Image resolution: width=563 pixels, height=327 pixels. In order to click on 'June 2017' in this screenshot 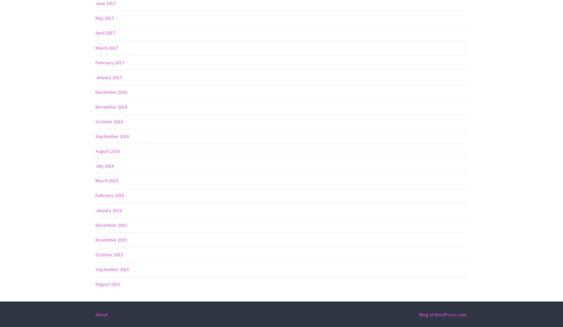, I will do `click(106, 3)`.